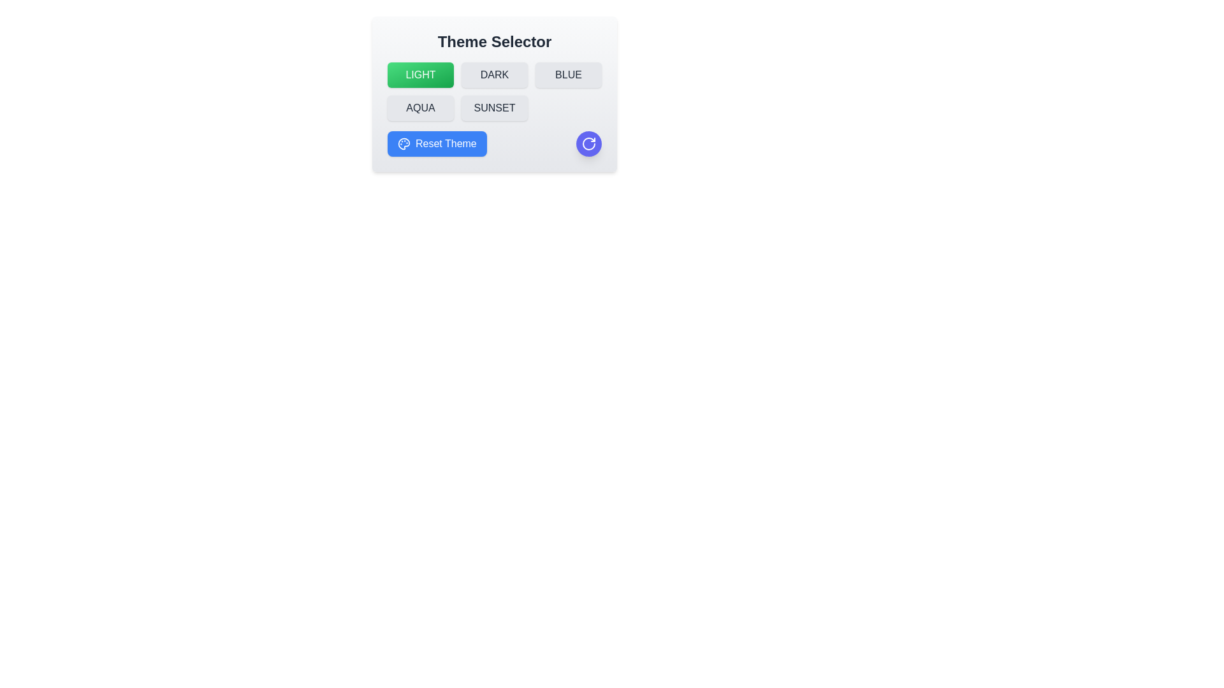  I want to click on the theme button corresponding to SUNSET, so click(494, 107).